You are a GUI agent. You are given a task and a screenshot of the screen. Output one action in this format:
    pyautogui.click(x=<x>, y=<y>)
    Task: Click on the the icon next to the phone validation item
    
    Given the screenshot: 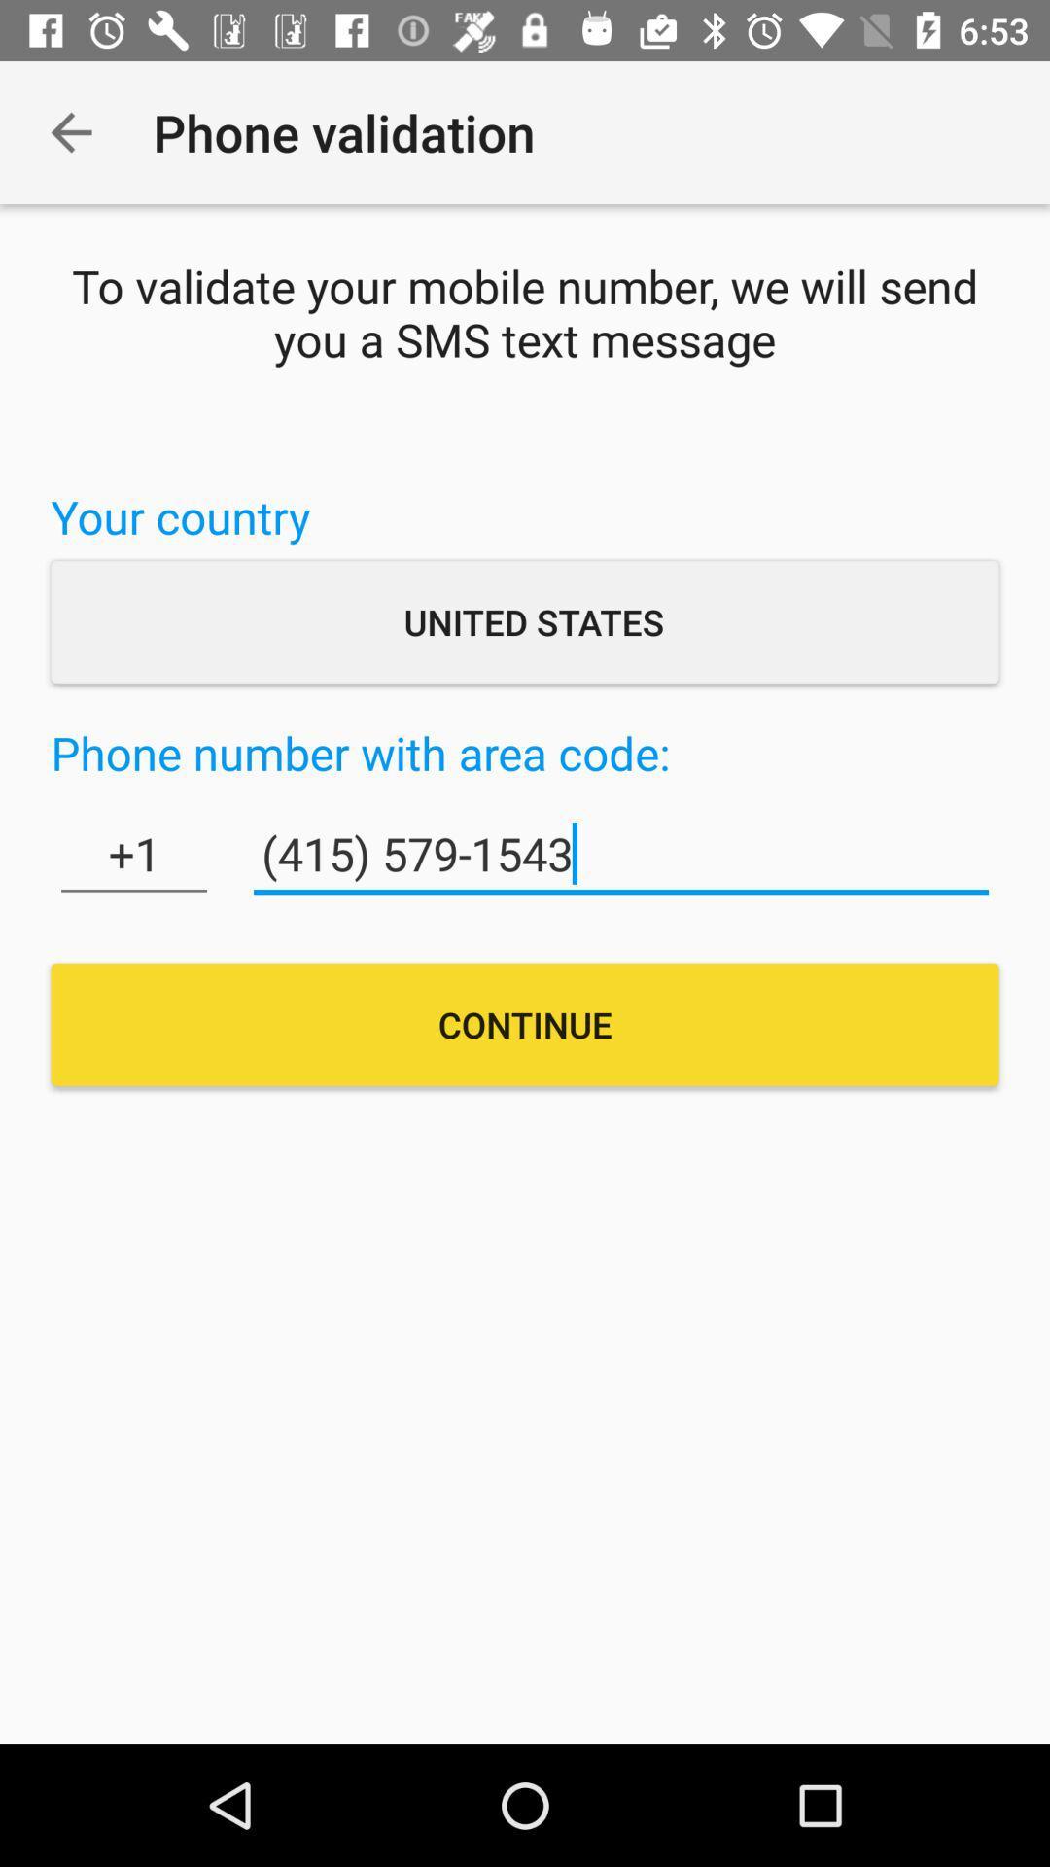 What is the action you would take?
    pyautogui.click(x=70, y=131)
    